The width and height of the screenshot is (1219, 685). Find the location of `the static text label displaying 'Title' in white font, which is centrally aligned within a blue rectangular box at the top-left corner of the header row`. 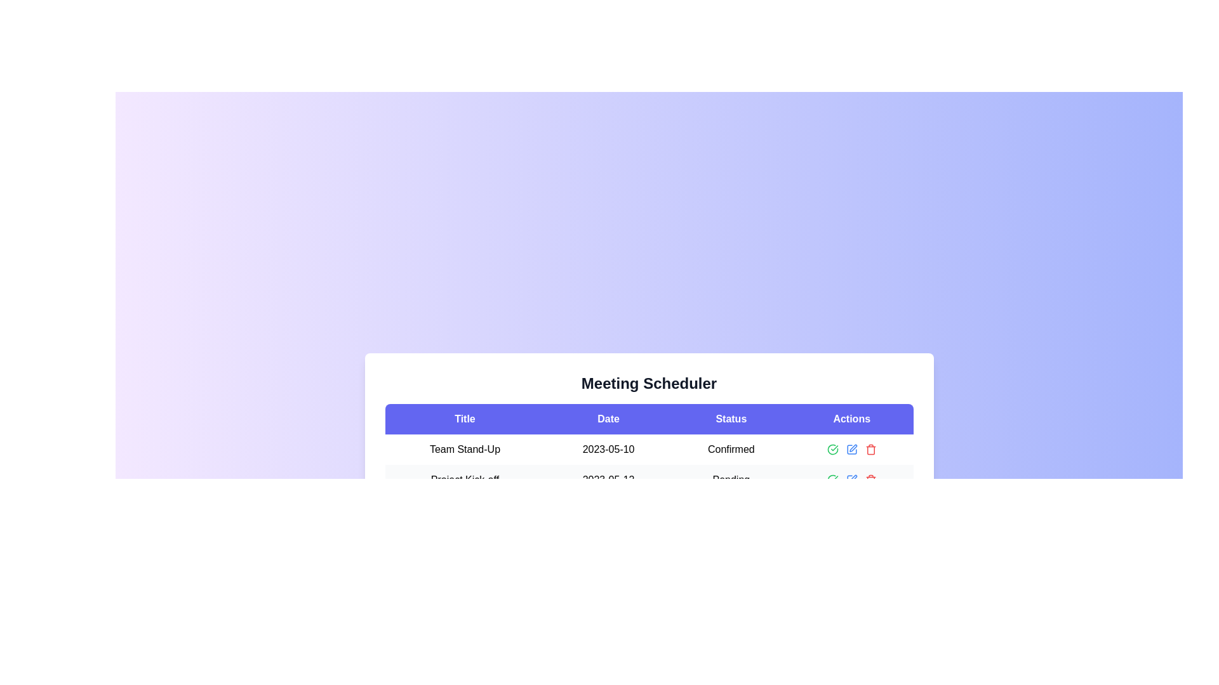

the static text label displaying 'Title' in white font, which is centrally aligned within a blue rectangular box at the top-left corner of the header row is located at coordinates (464, 419).